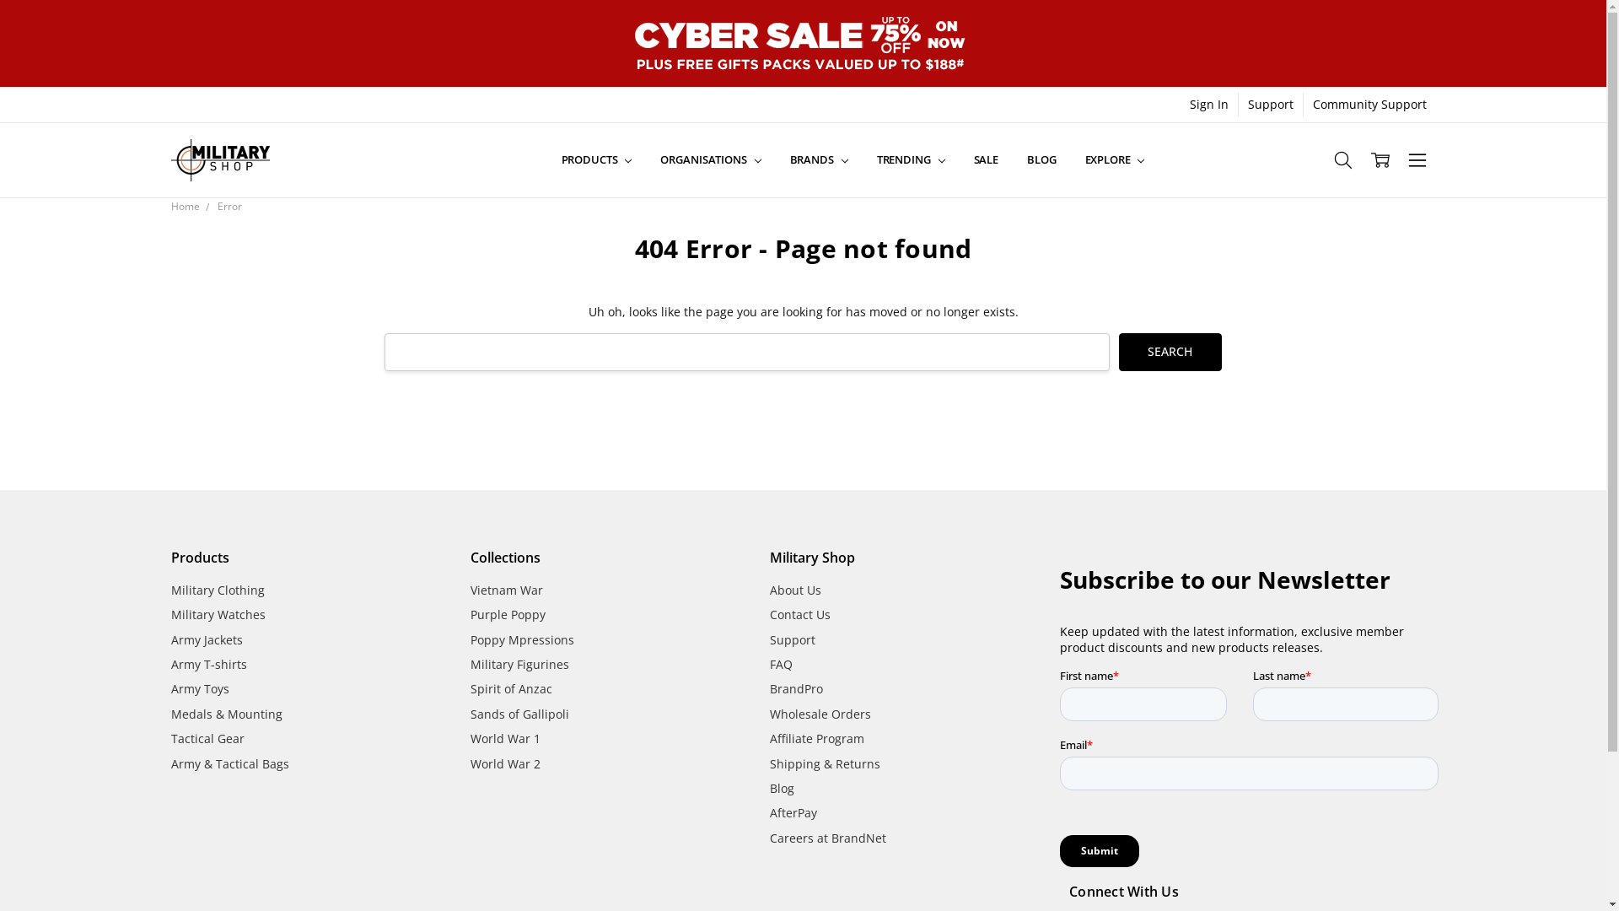 This screenshot has width=1619, height=911. What do you see at coordinates (546, 159) in the screenshot?
I see `'PRODUCTS'` at bounding box center [546, 159].